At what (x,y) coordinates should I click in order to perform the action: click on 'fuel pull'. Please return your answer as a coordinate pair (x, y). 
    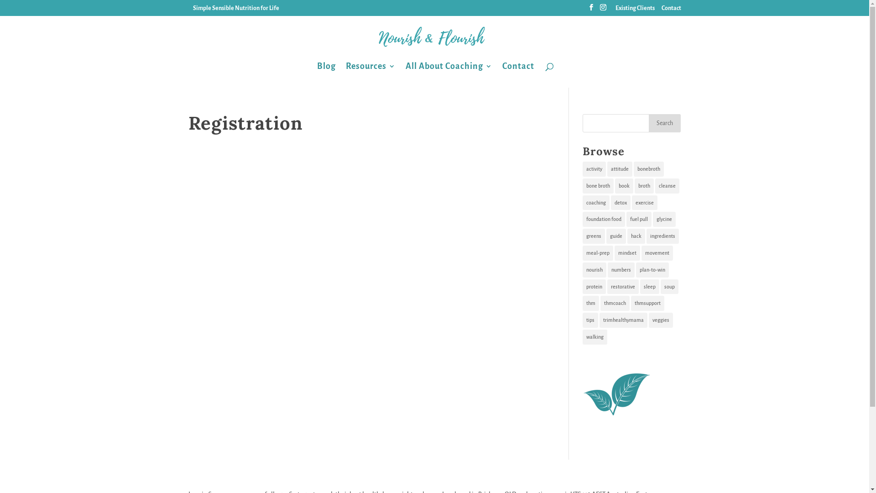
    Looking at the image, I should click on (638, 219).